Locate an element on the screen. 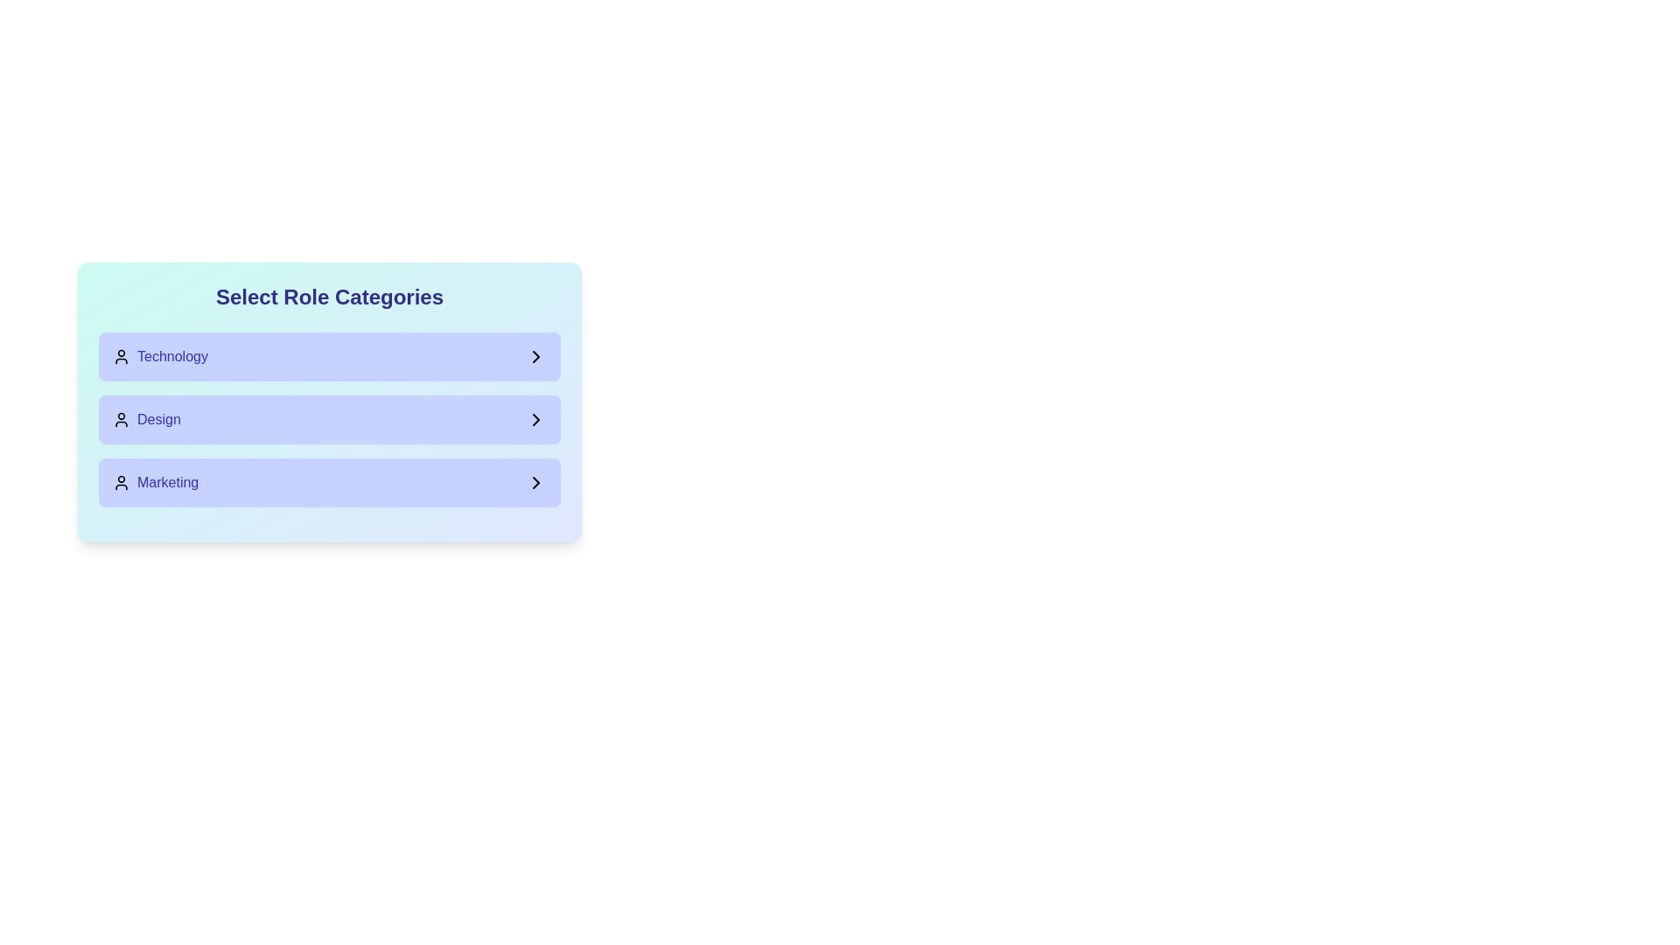  the rightward-pointing arrow icon within the 'Marketing' button, which indicates it can be interacted with for further options is located at coordinates (535, 482).